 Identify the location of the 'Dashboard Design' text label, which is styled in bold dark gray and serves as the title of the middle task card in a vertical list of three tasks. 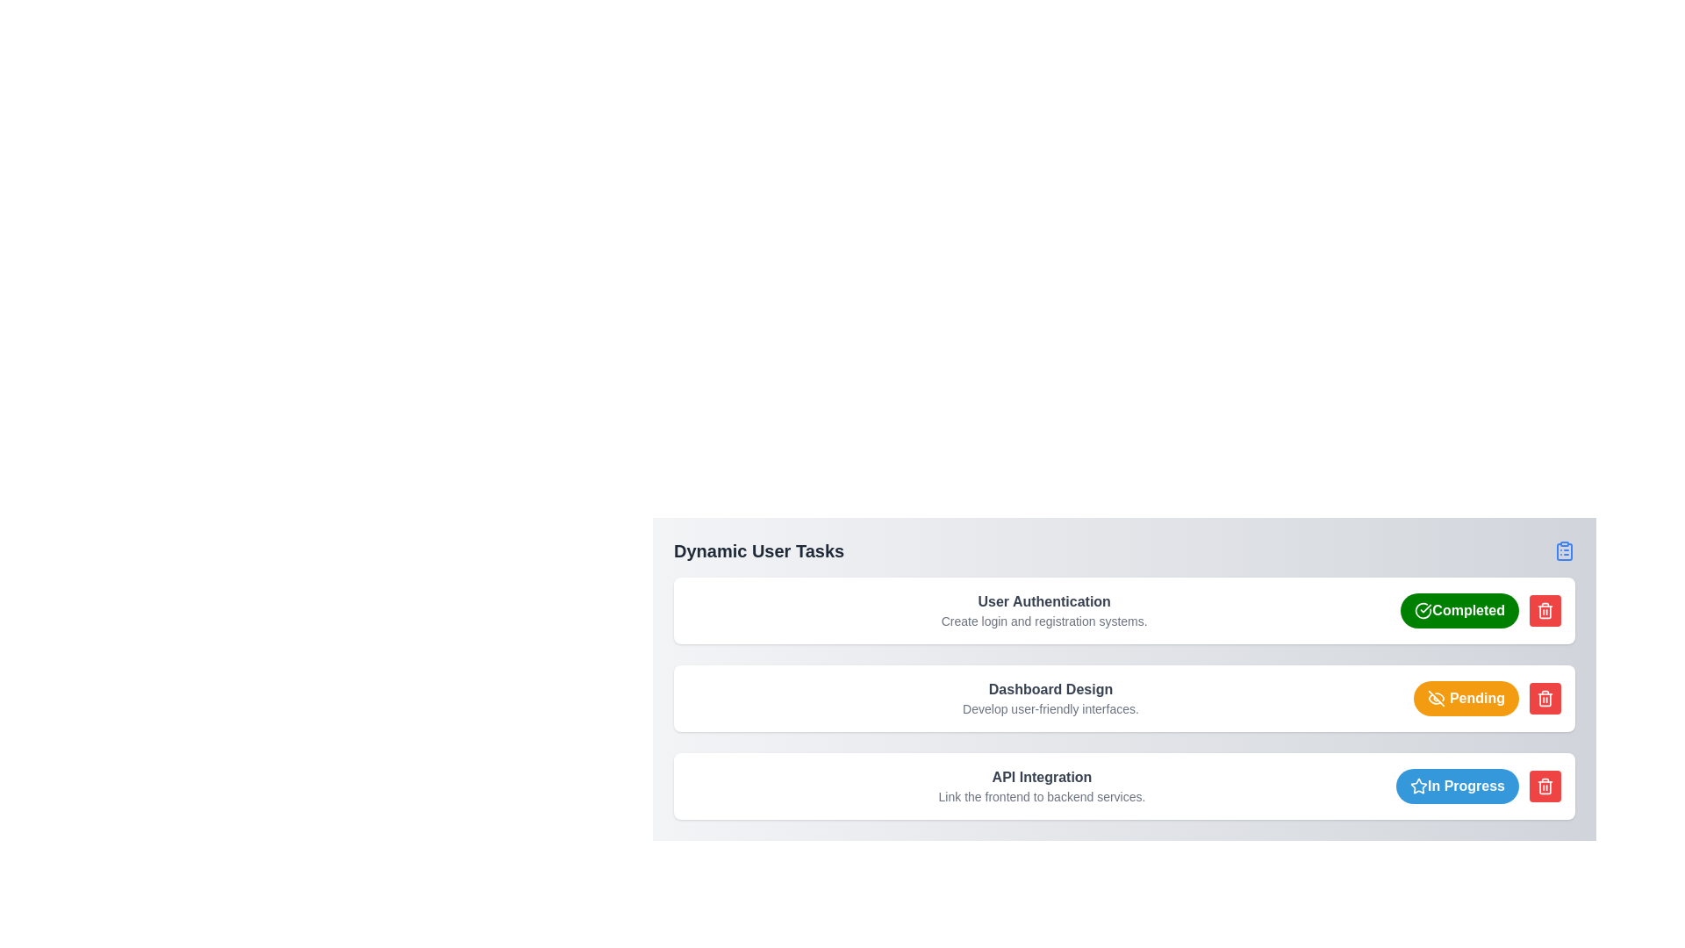
(1050, 689).